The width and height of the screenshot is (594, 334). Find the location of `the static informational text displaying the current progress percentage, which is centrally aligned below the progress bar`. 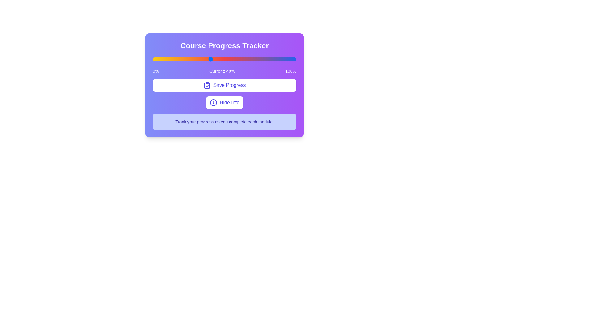

the static informational text displaying the current progress percentage, which is centrally aligned below the progress bar is located at coordinates (224, 71).